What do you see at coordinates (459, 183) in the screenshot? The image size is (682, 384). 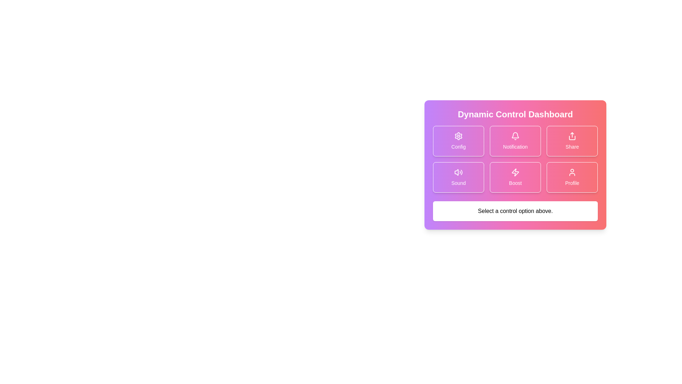 I see `the 'Sound' text label, which is displayed in white text on a transparent background, located centrally below the volume icon in the bottom-left position of the control button grid` at bounding box center [459, 183].